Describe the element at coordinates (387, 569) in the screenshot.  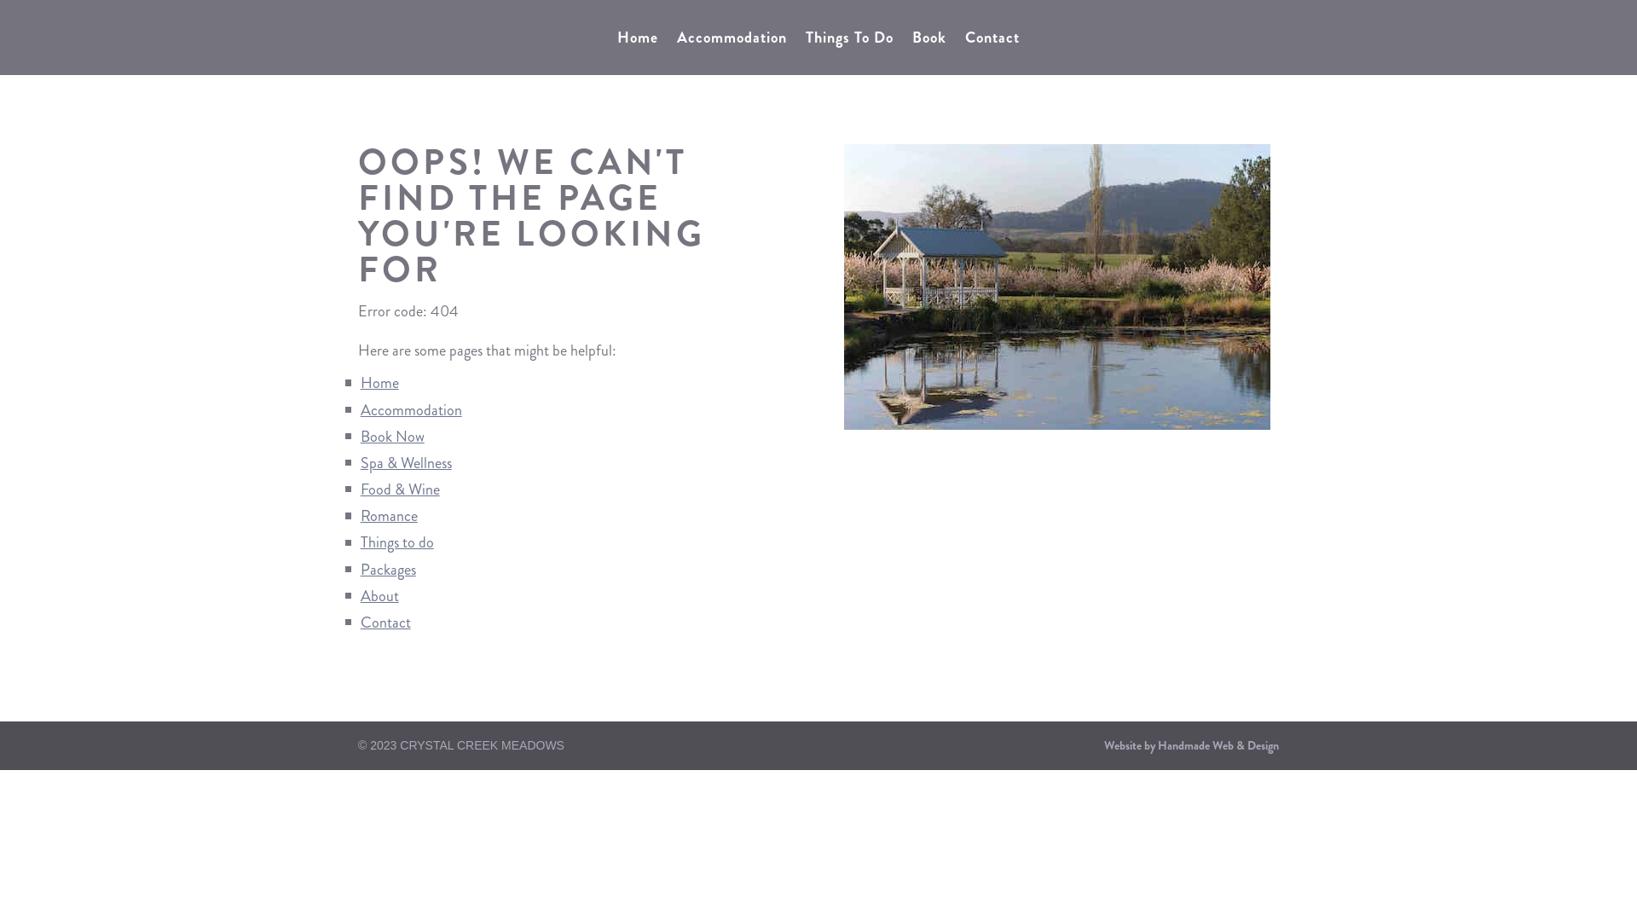
I see `'Packages'` at that location.